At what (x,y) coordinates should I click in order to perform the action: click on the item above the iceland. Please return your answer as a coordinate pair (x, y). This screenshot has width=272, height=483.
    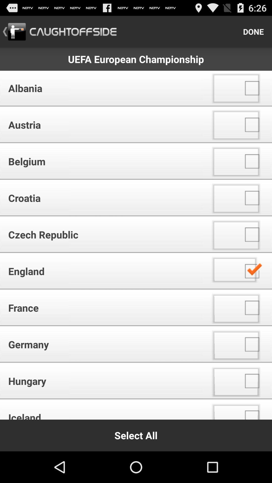
    Looking at the image, I should click on (103, 381).